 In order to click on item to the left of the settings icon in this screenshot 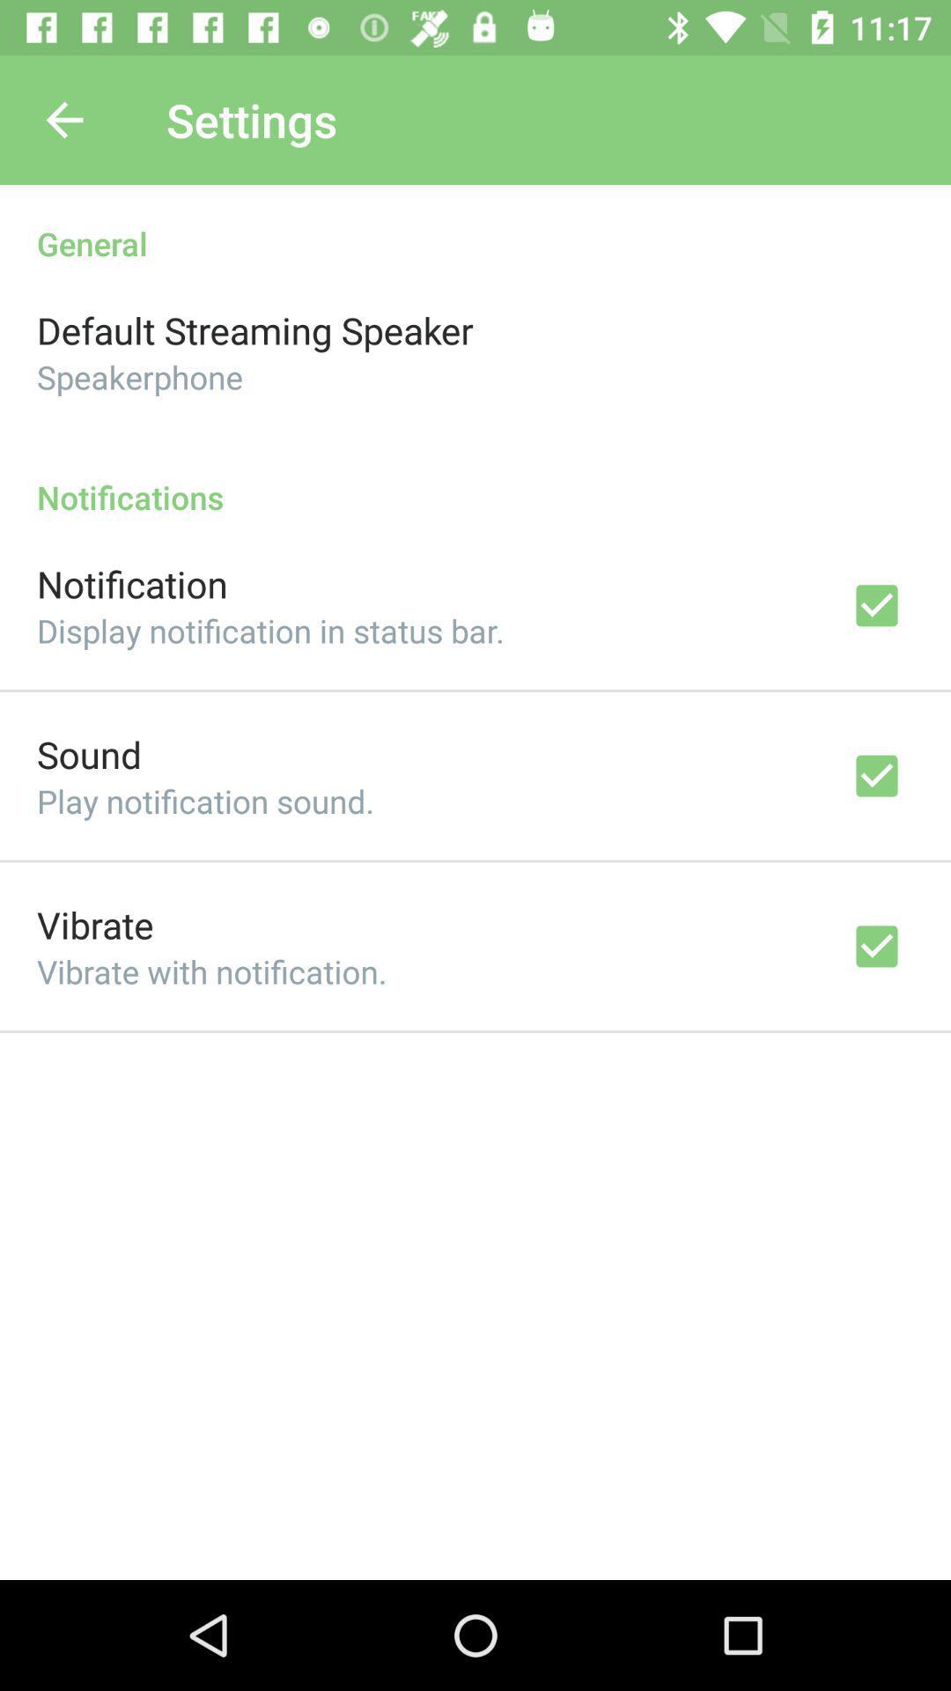, I will do `click(63, 119)`.